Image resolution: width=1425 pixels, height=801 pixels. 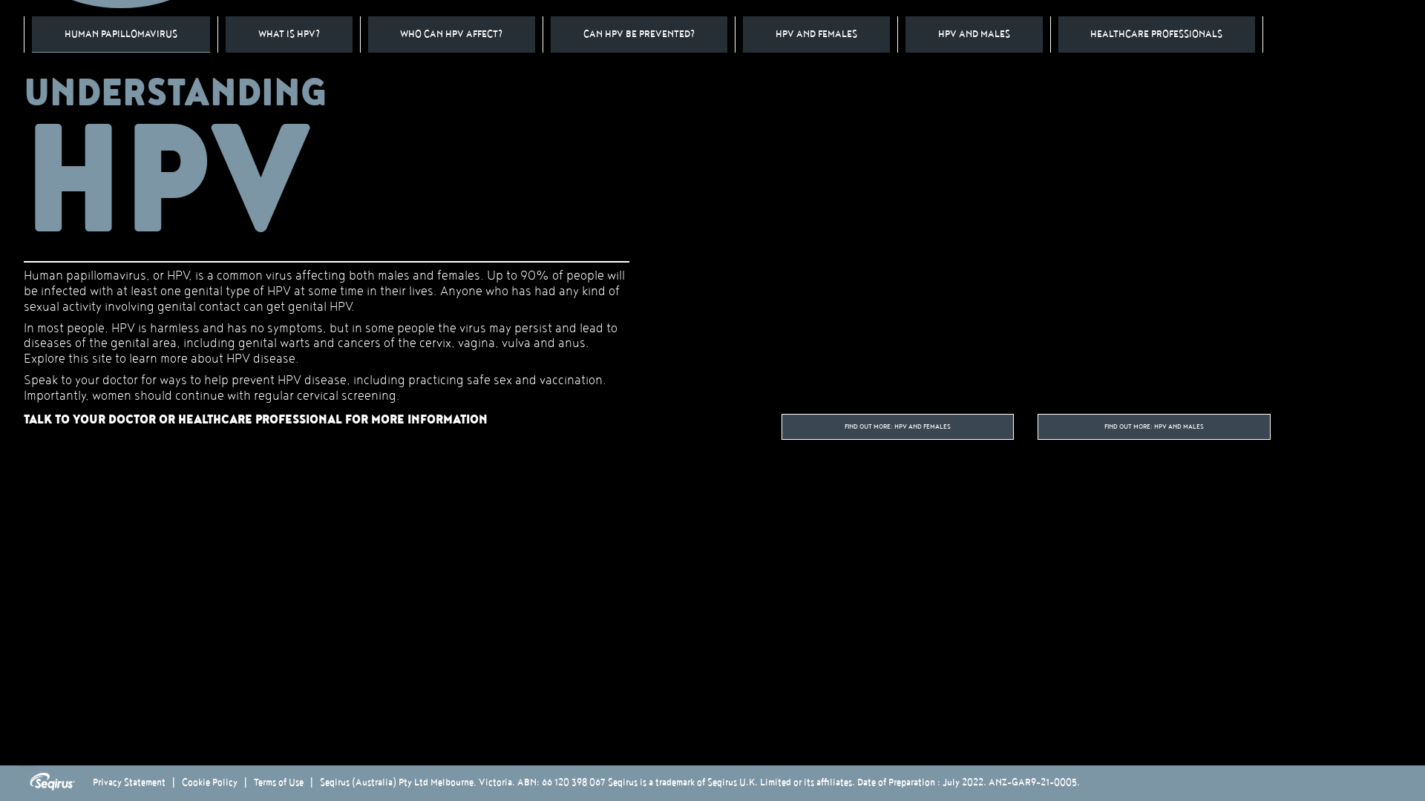 What do you see at coordinates (278, 782) in the screenshot?
I see `'Terms of Use'` at bounding box center [278, 782].